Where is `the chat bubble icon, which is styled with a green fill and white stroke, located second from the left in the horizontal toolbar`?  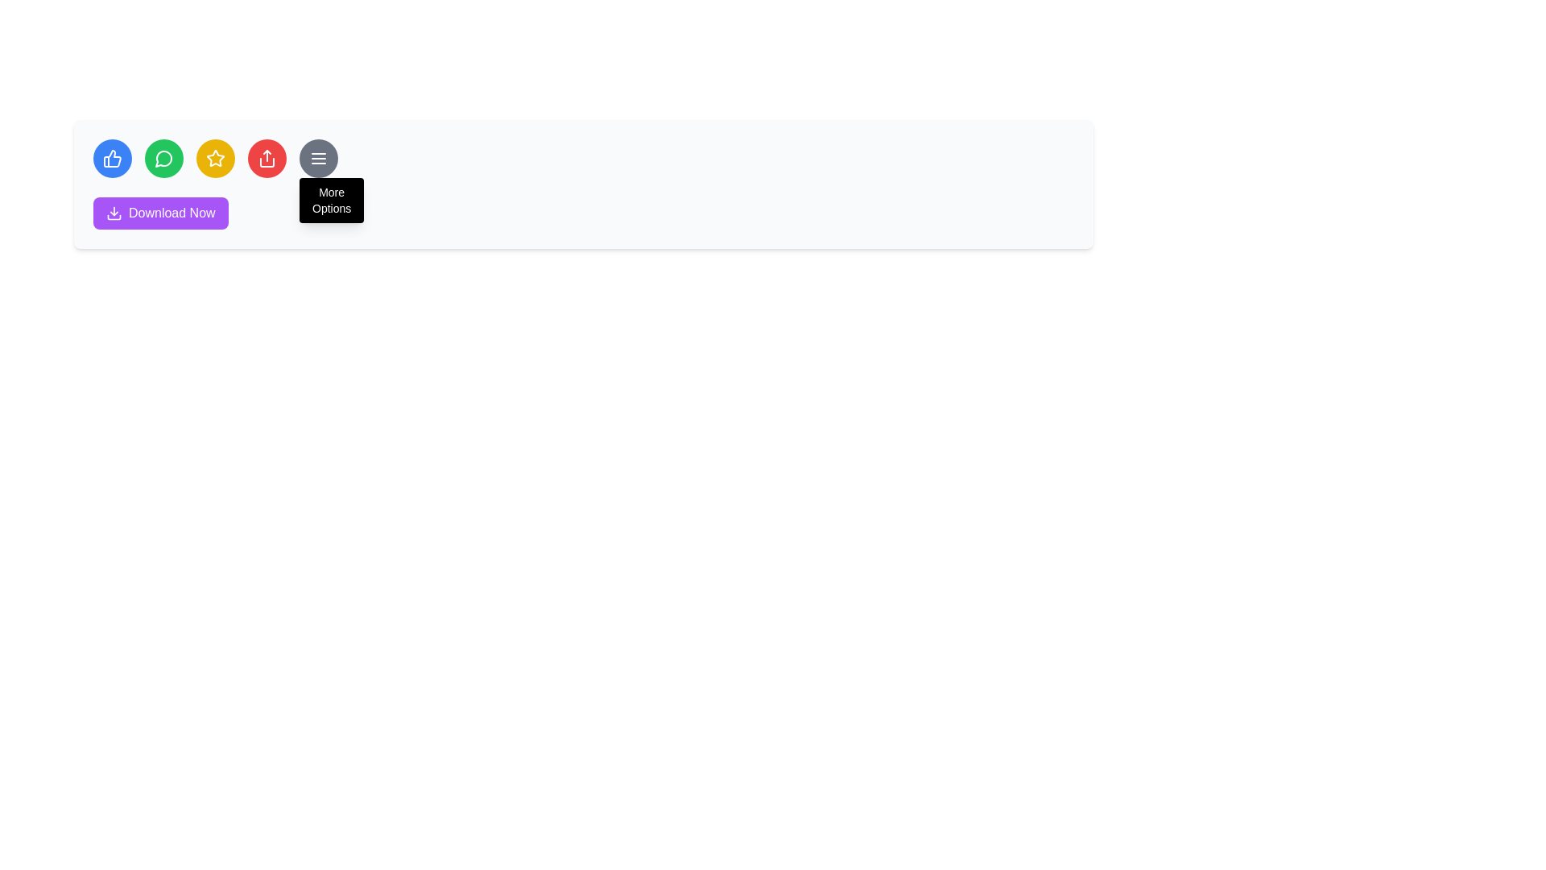
the chat bubble icon, which is styled with a green fill and white stroke, located second from the left in the horizontal toolbar is located at coordinates (163, 159).